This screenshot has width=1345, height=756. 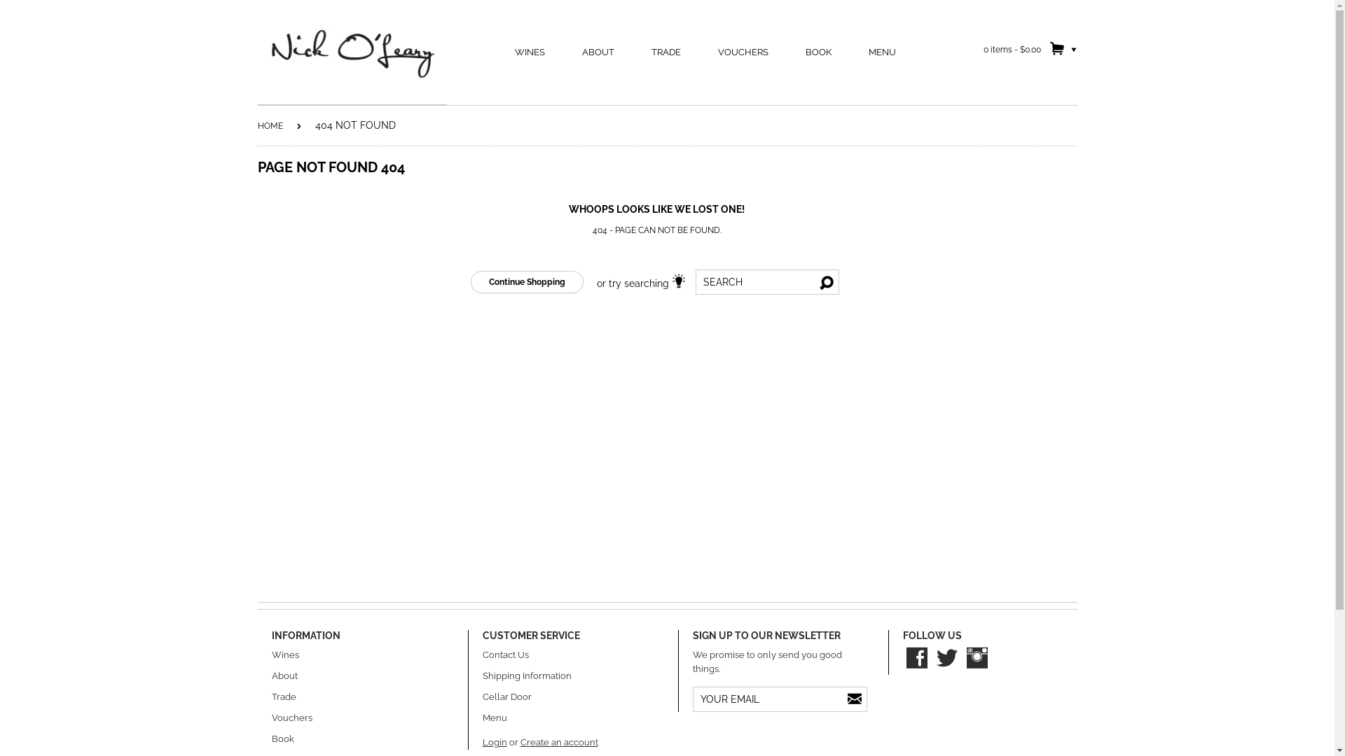 What do you see at coordinates (526, 281) in the screenshot?
I see `'Continue Shopping'` at bounding box center [526, 281].